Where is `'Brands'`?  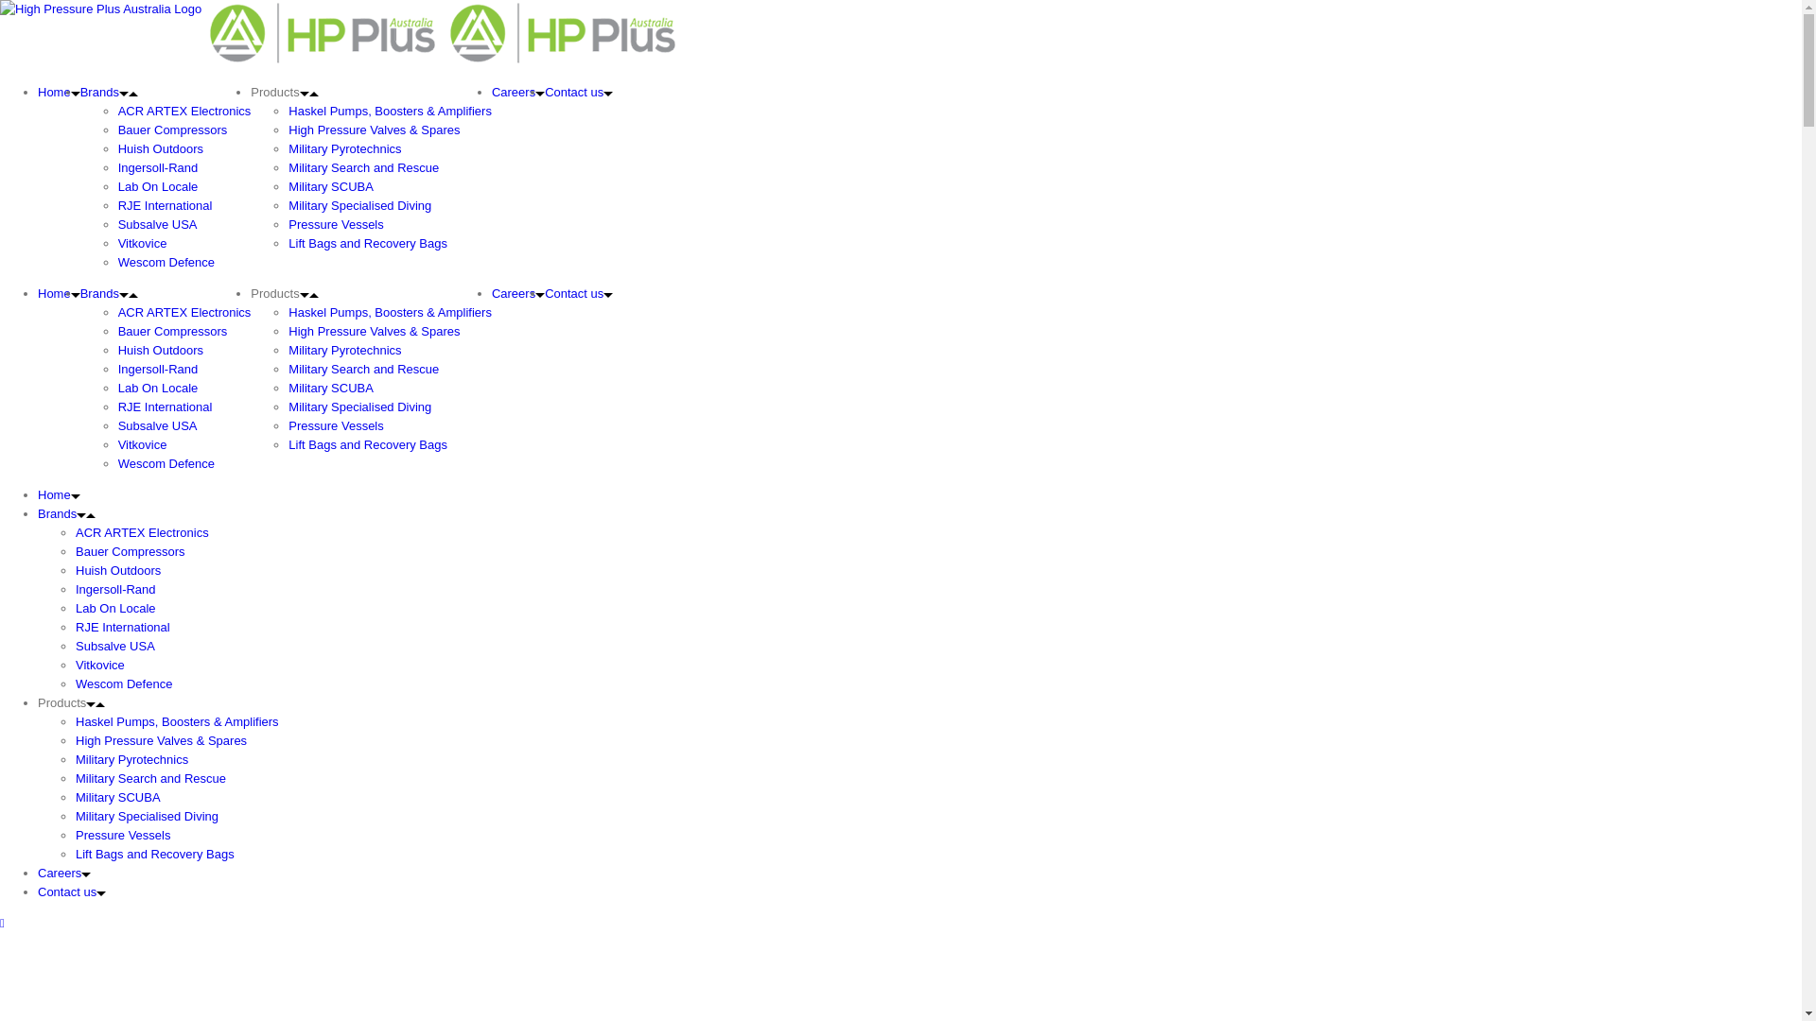 'Brands' is located at coordinates (108, 293).